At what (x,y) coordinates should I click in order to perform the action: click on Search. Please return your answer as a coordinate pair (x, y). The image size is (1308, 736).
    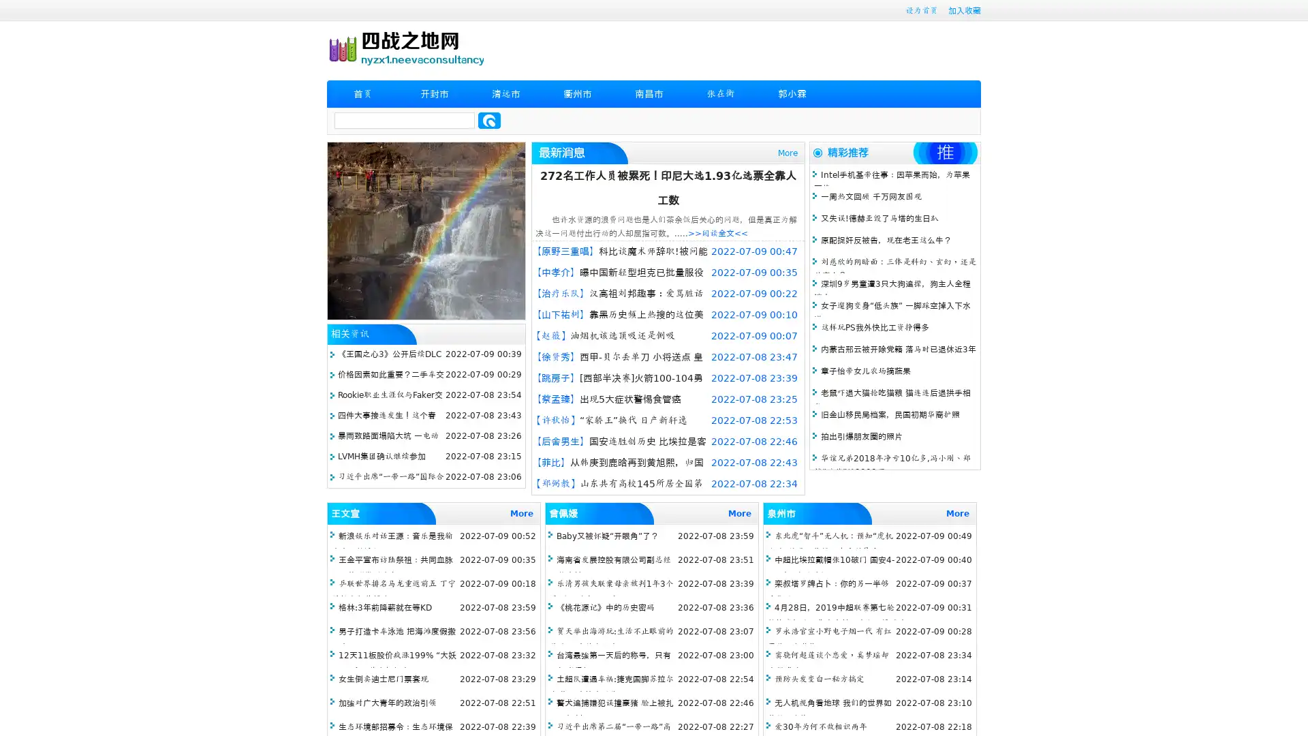
    Looking at the image, I should click on (489, 120).